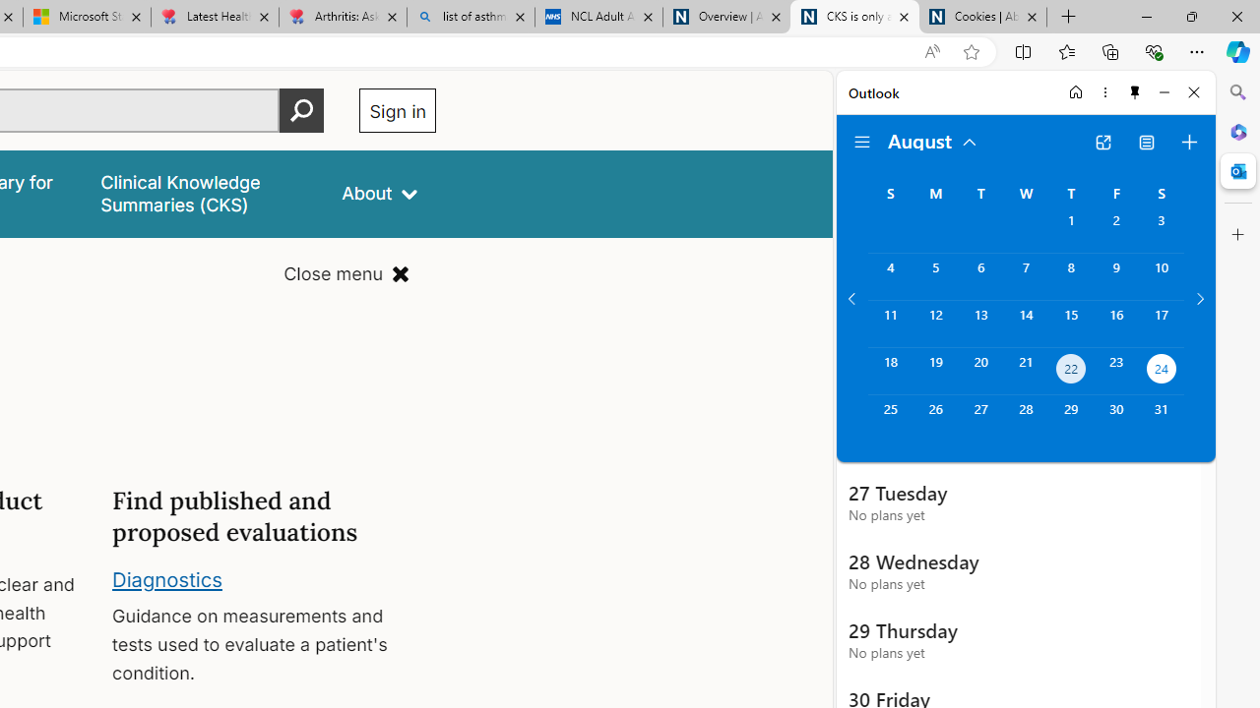  What do you see at coordinates (1162, 276) in the screenshot?
I see `'Saturday, August 10, 2024. '` at bounding box center [1162, 276].